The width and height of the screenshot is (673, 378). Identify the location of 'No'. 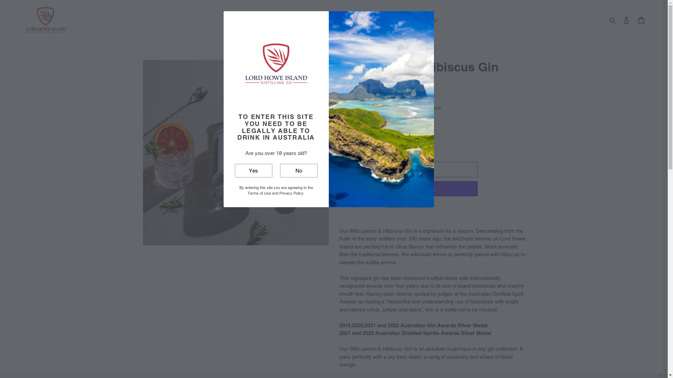
(298, 170).